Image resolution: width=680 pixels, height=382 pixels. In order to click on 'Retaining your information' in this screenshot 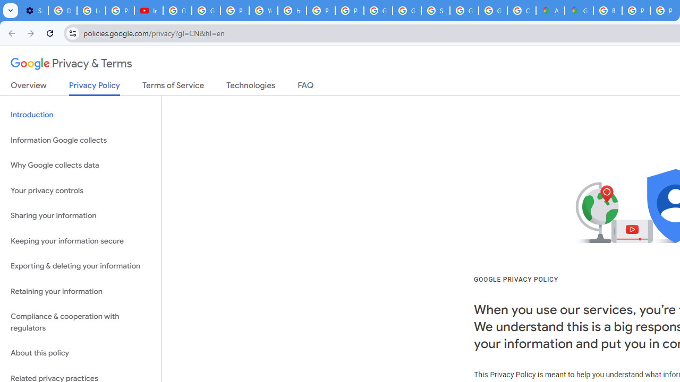, I will do `click(80, 291)`.